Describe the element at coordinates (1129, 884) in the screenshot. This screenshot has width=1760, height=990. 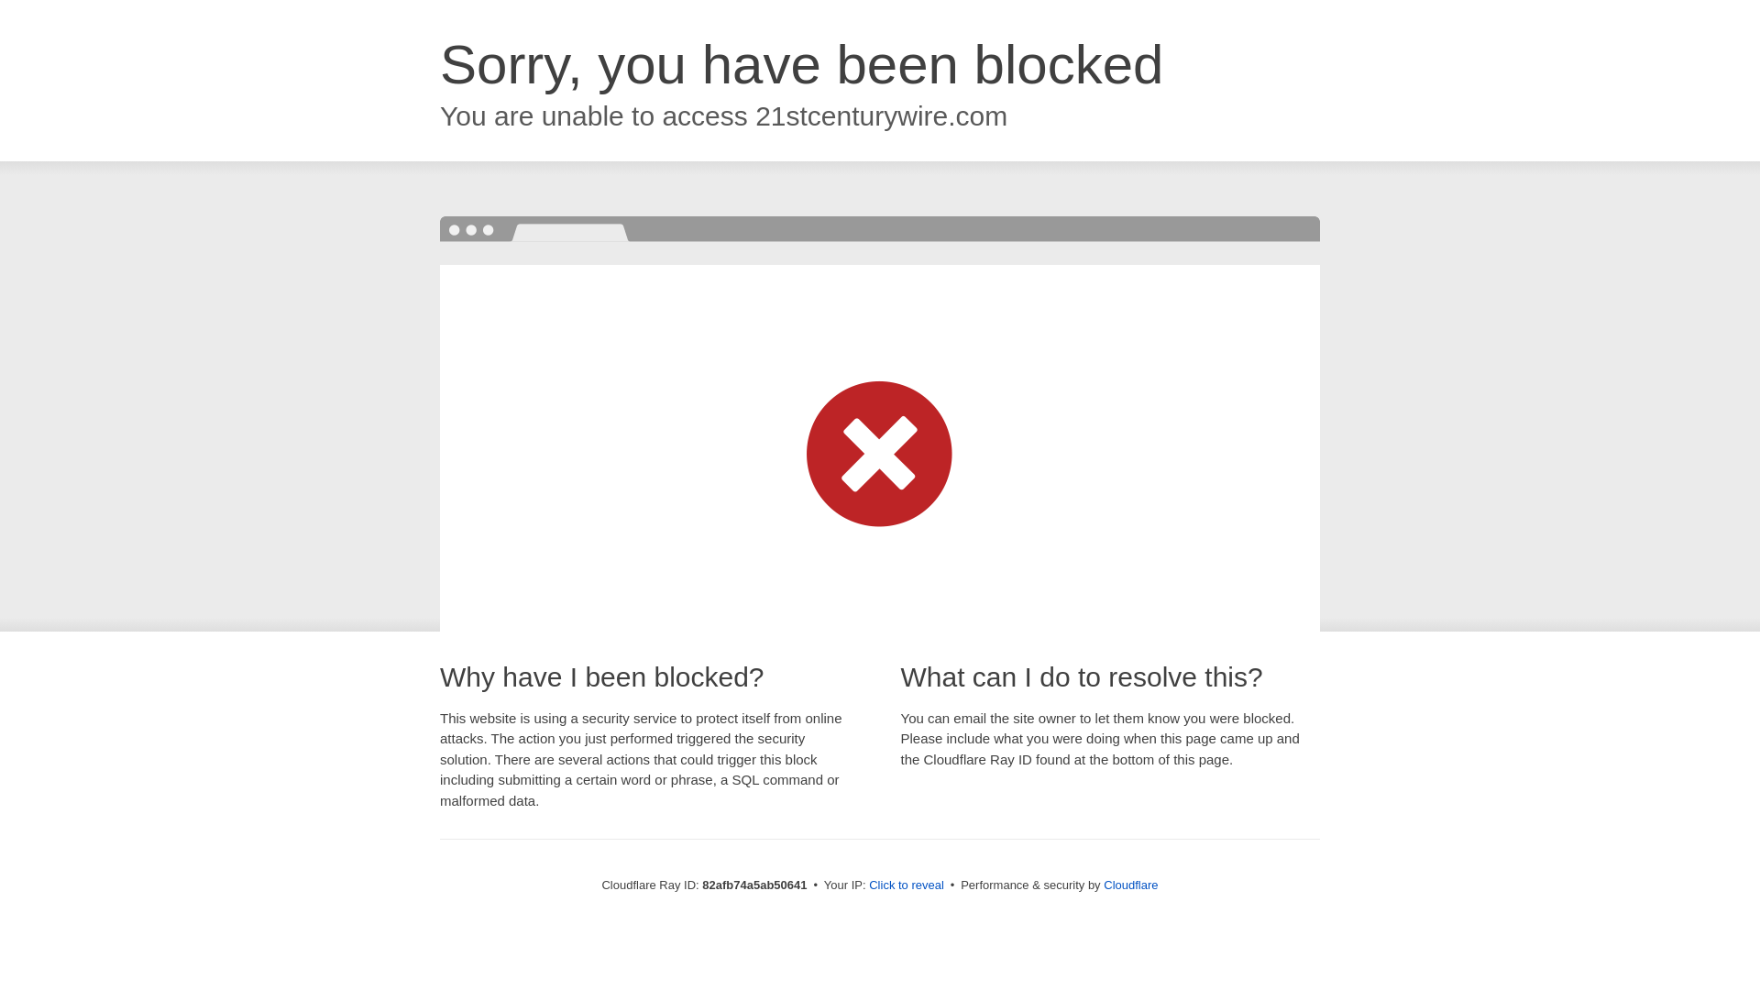
I see `'Cloudflare'` at that location.